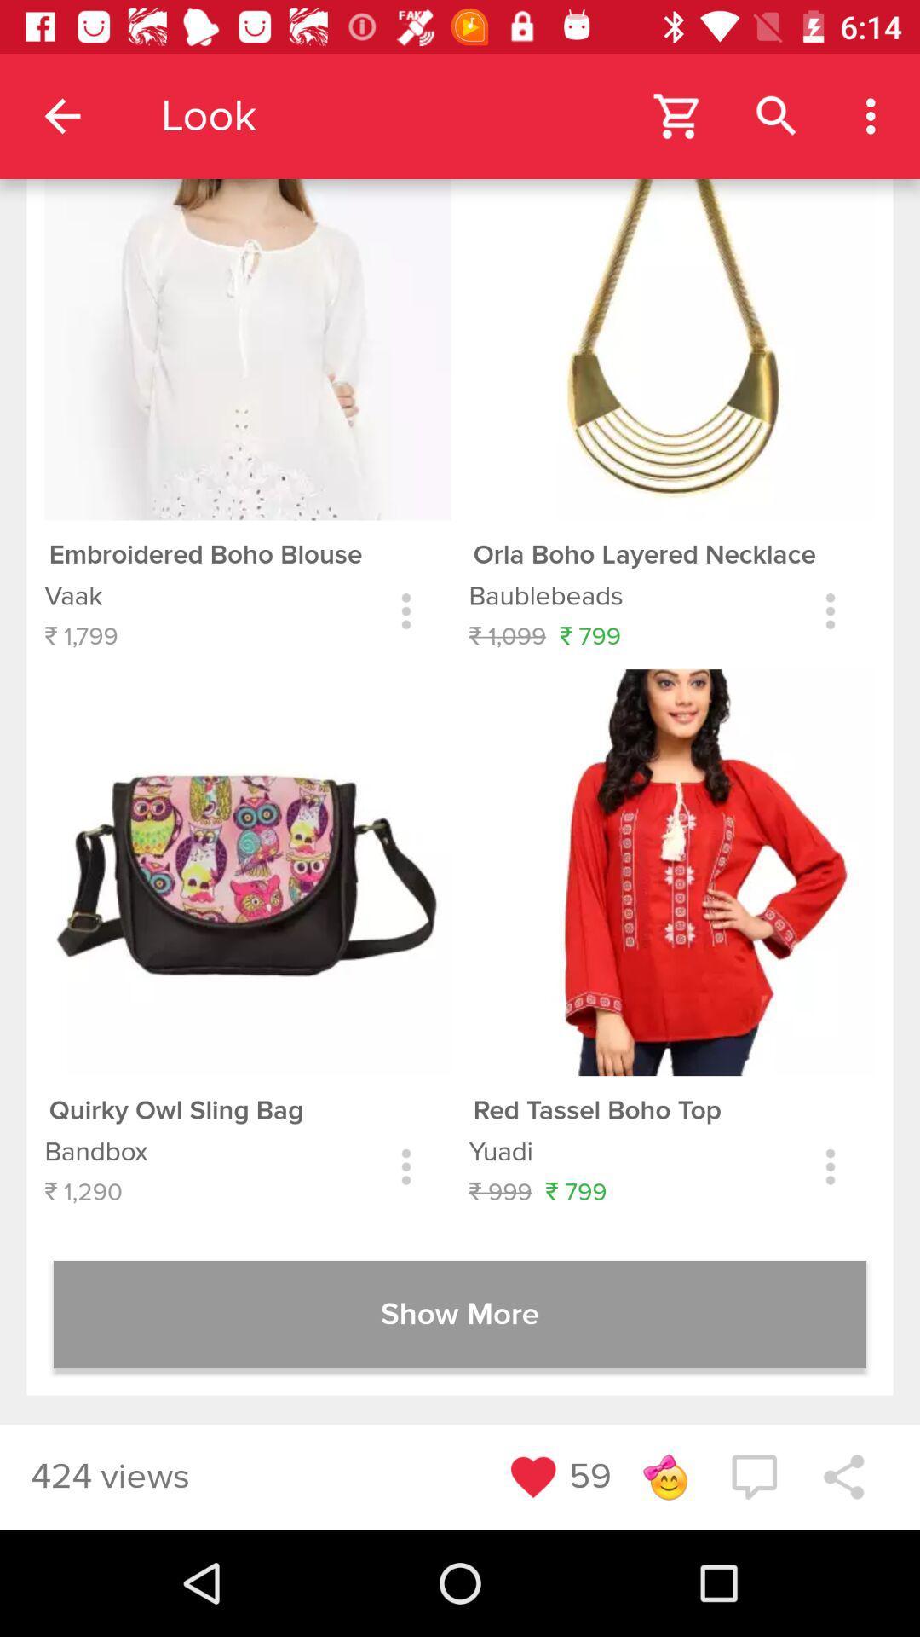  Describe the element at coordinates (532, 1476) in the screenshot. I see `the favorite icon` at that location.